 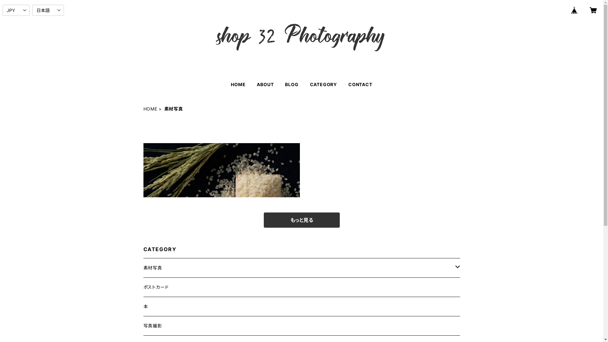 I want to click on 'CONTACT', so click(x=360, y=84).